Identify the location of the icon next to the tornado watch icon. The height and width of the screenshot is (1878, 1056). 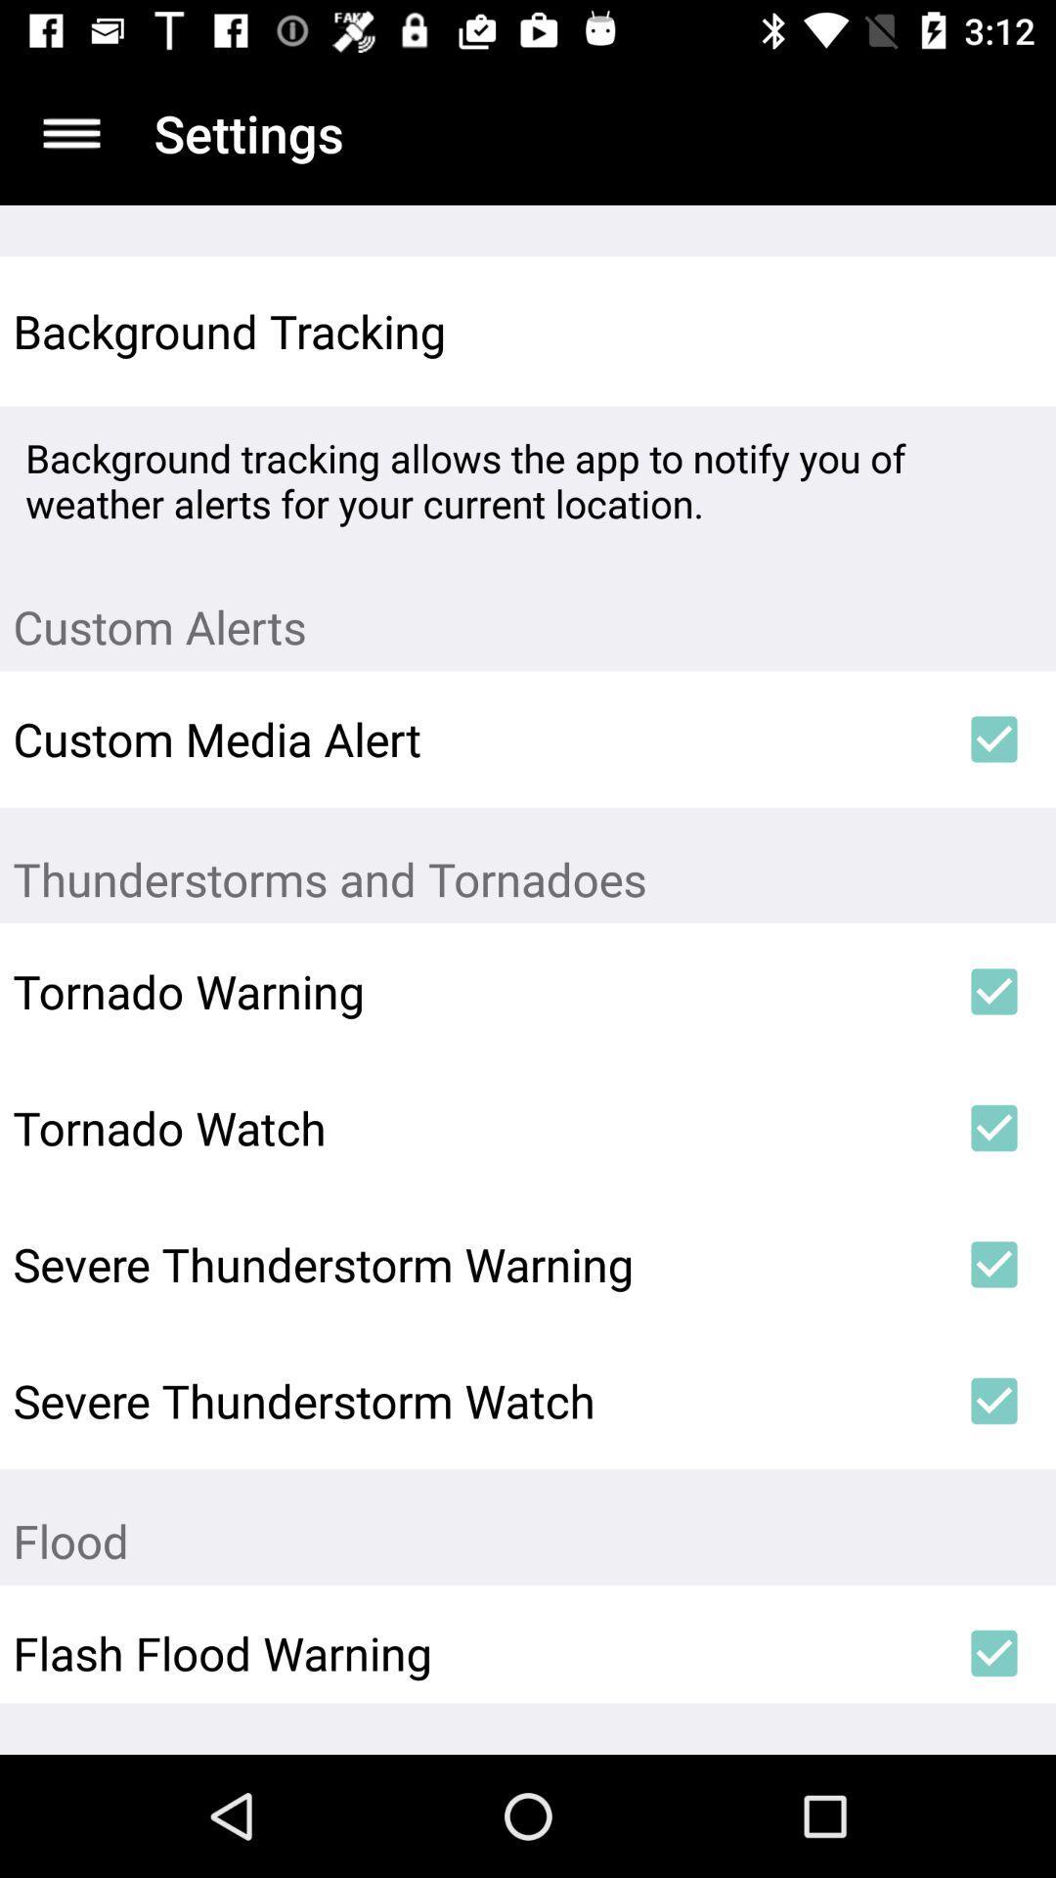
(994, 1128).